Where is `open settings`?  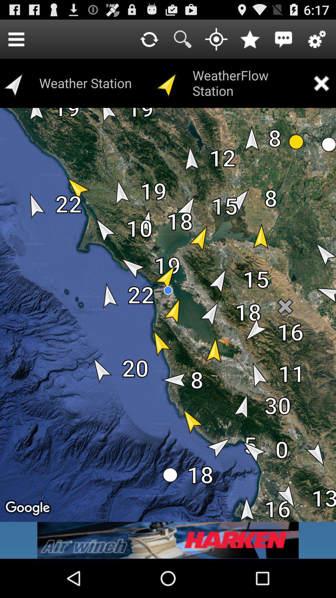
open settings is located at coordinates (317, 39).